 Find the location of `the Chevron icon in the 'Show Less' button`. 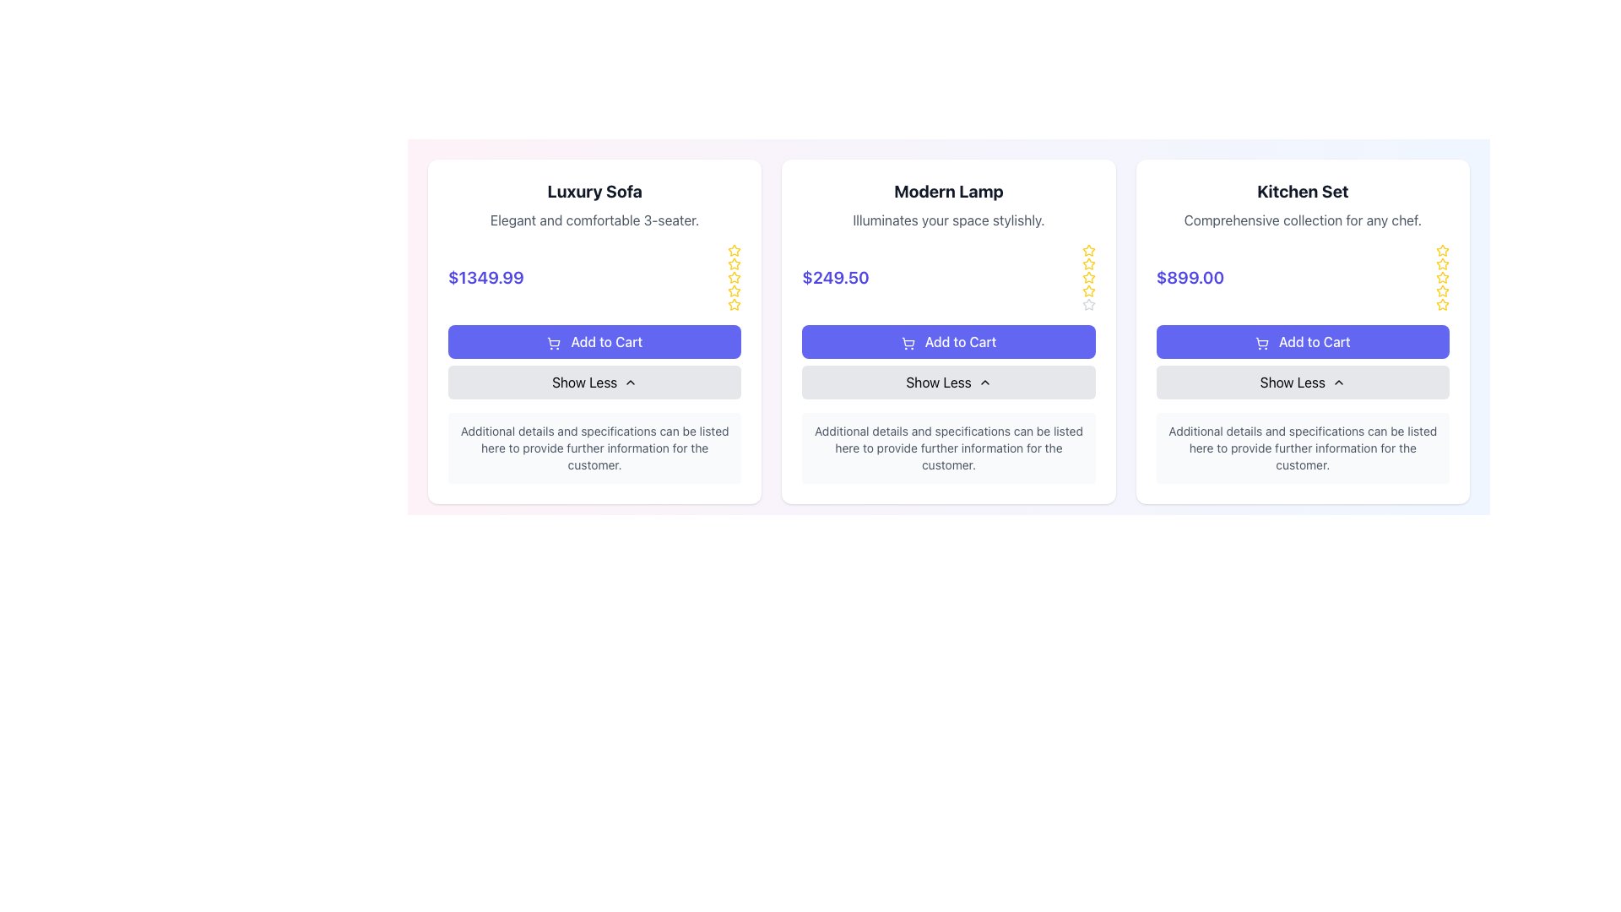

the Chevron icon in the 'Show Less' button is located at coordinates (984, 382).